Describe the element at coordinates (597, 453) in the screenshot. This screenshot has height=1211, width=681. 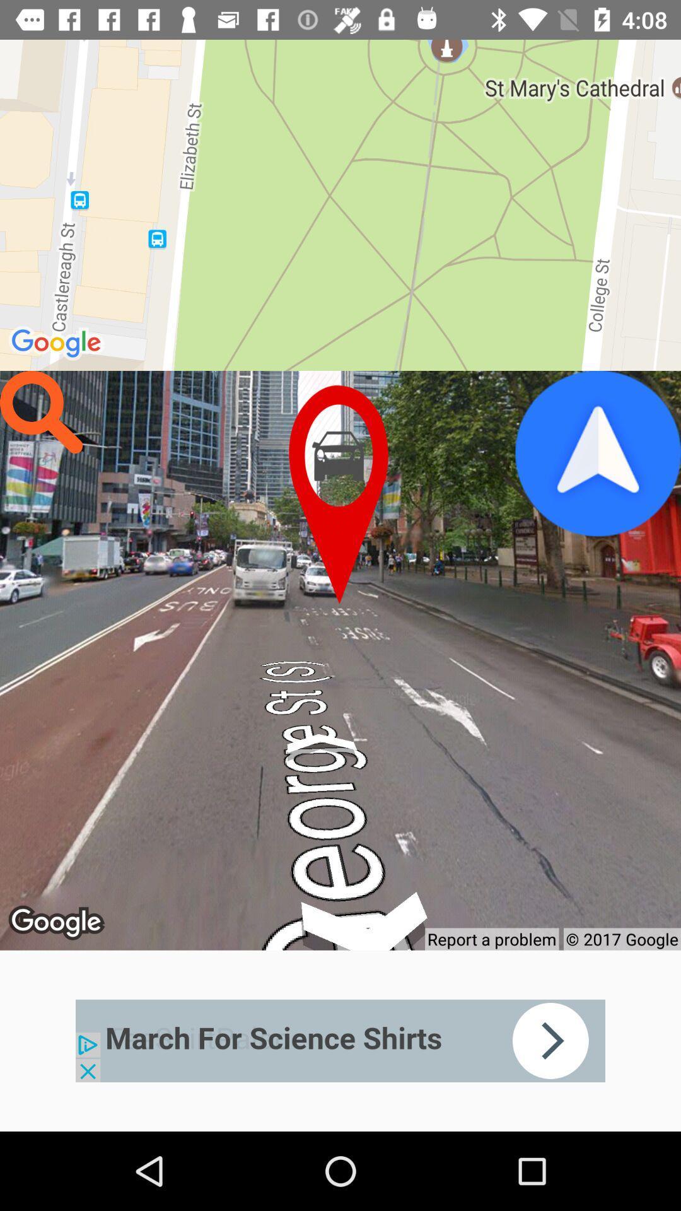
I see `start navigation` at that location.